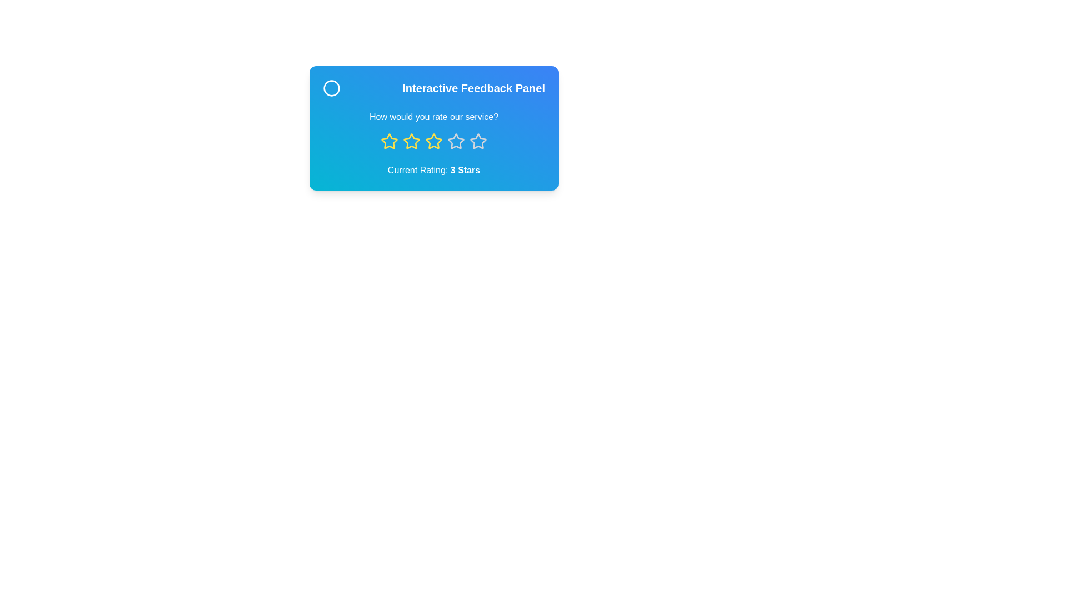 This screenshot has width=1067, height=600. I want to click on the 4th star icon in the rating component to provide a rating, so click(478, 141).